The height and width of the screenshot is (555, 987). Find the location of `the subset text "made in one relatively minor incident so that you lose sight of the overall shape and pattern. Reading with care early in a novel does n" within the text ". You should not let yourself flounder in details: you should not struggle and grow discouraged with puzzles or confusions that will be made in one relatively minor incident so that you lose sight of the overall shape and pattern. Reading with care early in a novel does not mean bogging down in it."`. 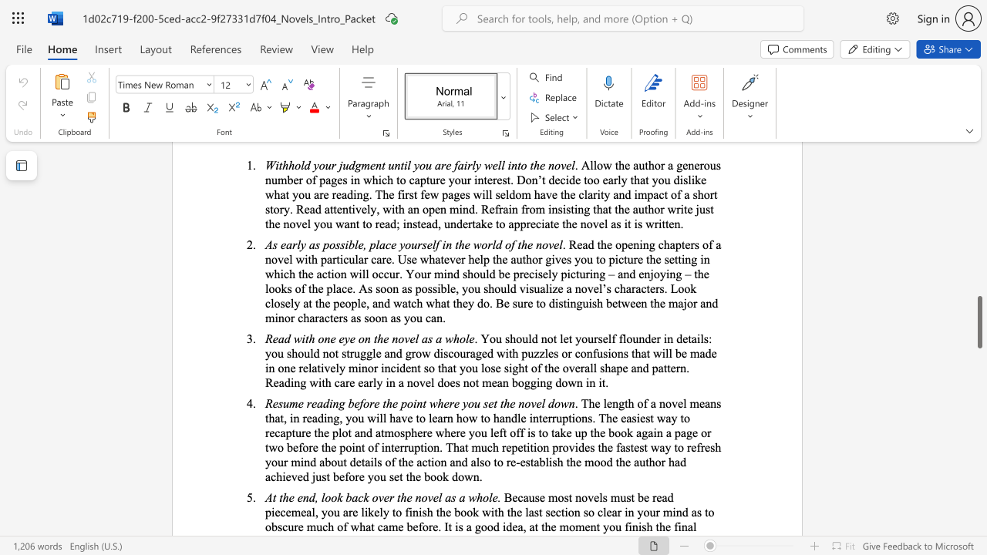

the subset text "made in one relatively minor incident so that you lose sight of the overall shape and pattern. Reading with care early in a novel does n" within the text ". You should not let yourself flounder in details: you should not struggle and grow discouraged with puzzles or confusions that will be made in one relatively minor incident so that you lose sight of the overall shape and pattern. Reading with care early in a novel does not mean bogging down in it." is located at coordinates (689, 353).